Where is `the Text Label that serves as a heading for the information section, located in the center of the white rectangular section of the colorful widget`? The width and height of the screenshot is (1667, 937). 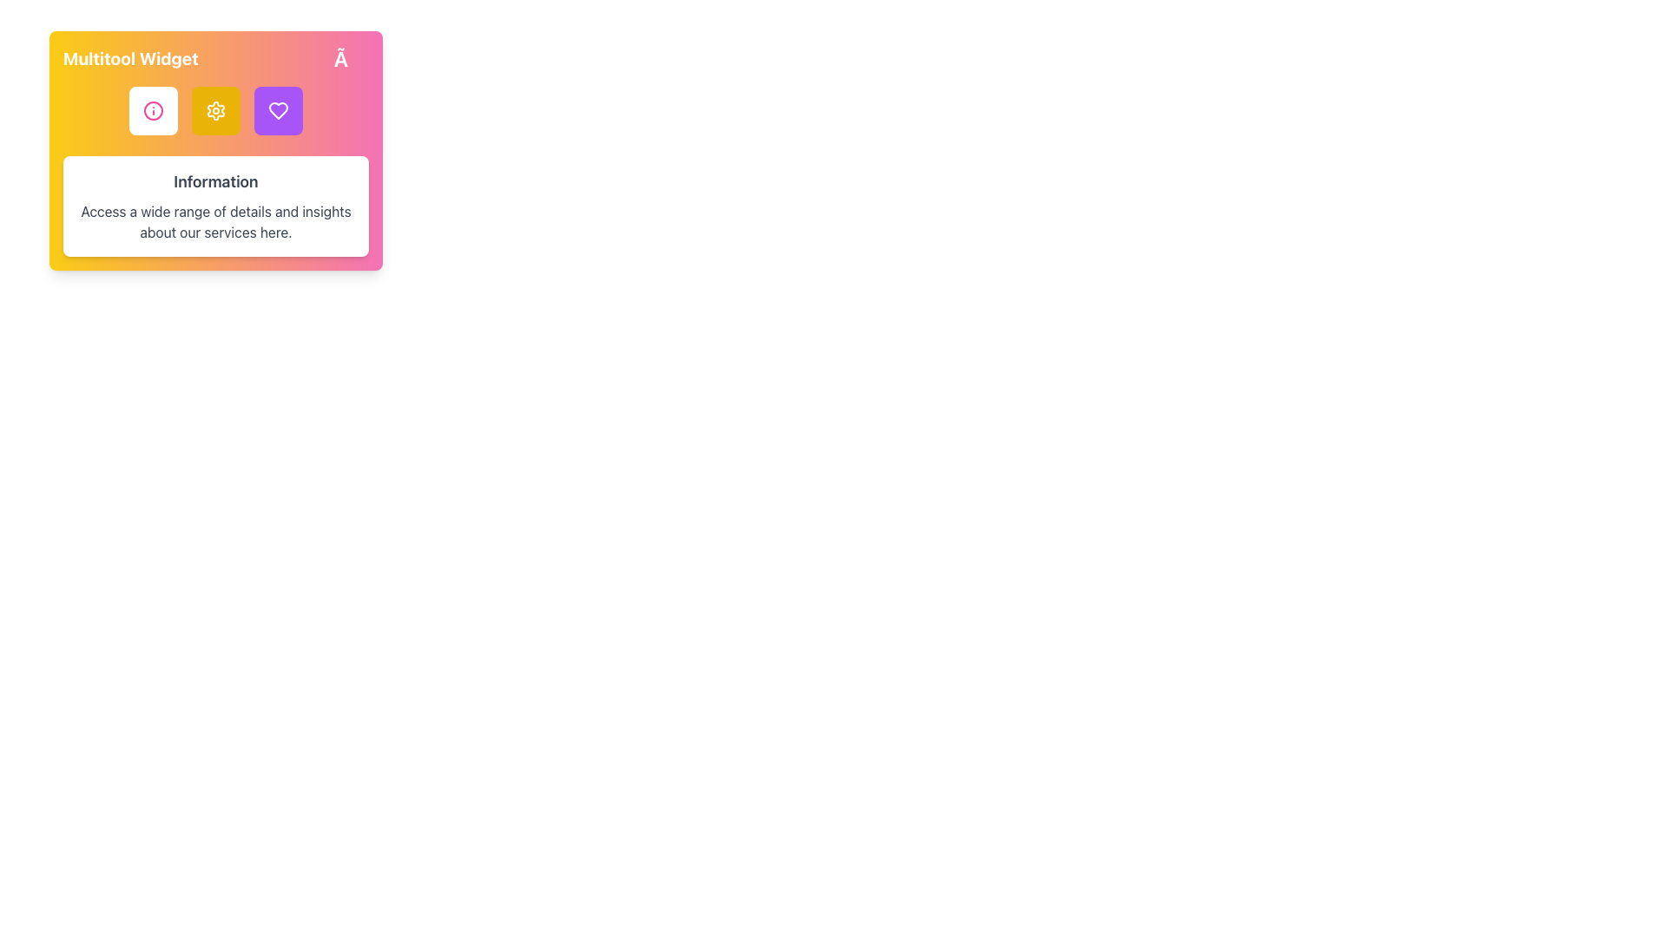 the Text Label that serves as a heading for the information section, located in the center of the white rectangular section of the colorful widget is located at coordinates (215, 181).